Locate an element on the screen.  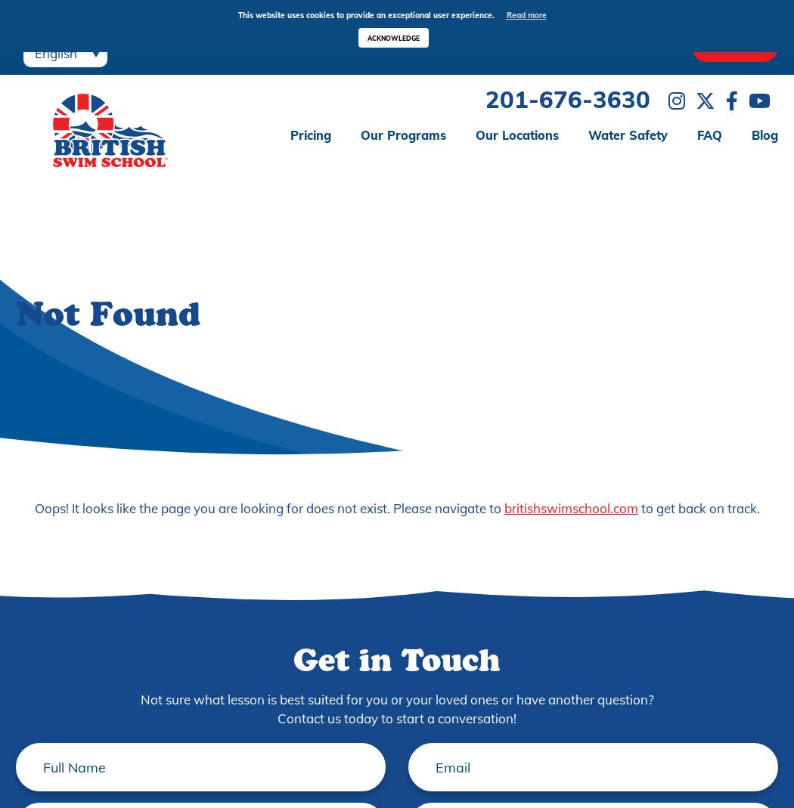
'Oops! It looks like the page you are looking for does not exist. Please navigate to' is located at coordinates (268, 506).